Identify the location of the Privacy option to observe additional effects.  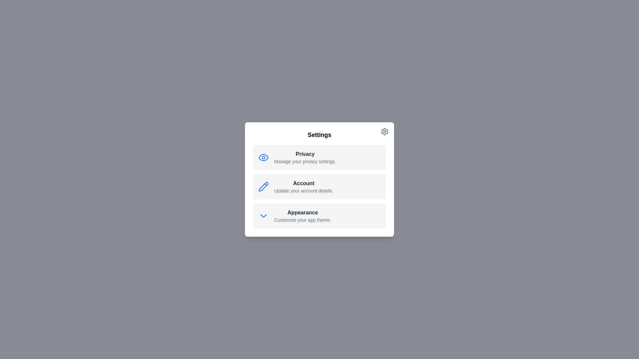
(319, 158).